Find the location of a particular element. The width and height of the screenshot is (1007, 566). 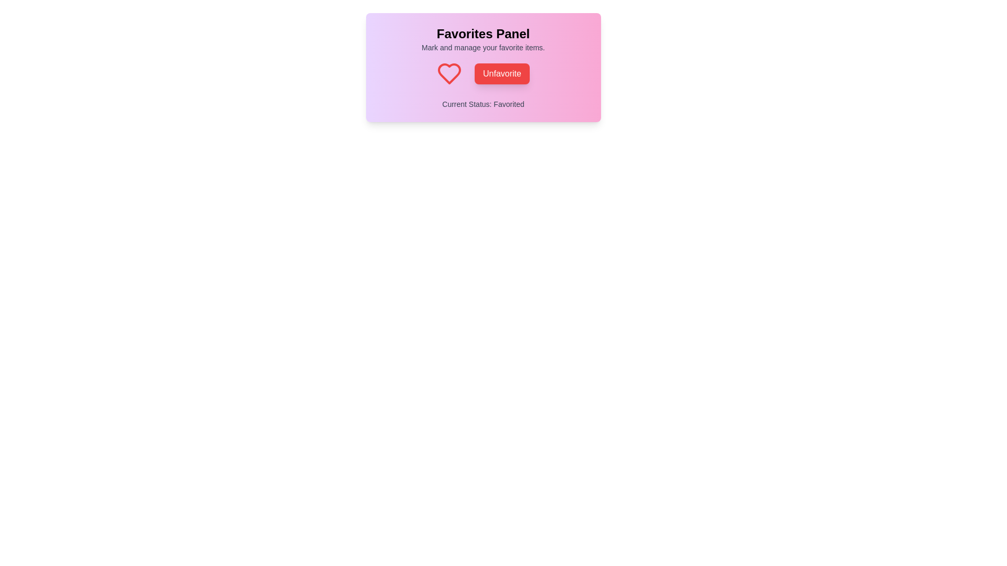

the heart icon to toggle its state is located at coordinates (449, 73).